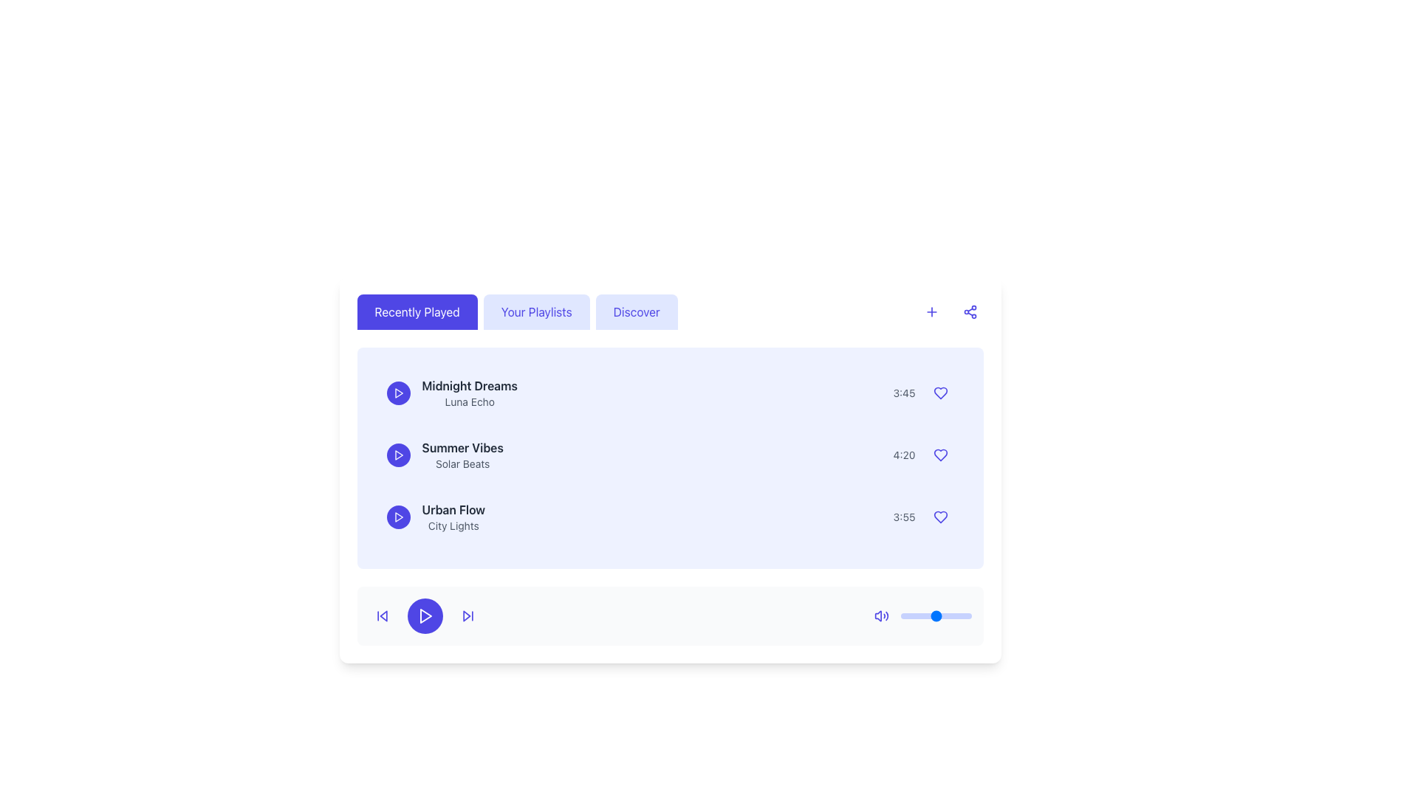  What do you see at coordinates (939, 517) in the screenshot?
I see `the circular button with a heart outline icon, located to the right of the text '3:55' below the track listing 'Urban Flow'` at bounding box center [939, 517].